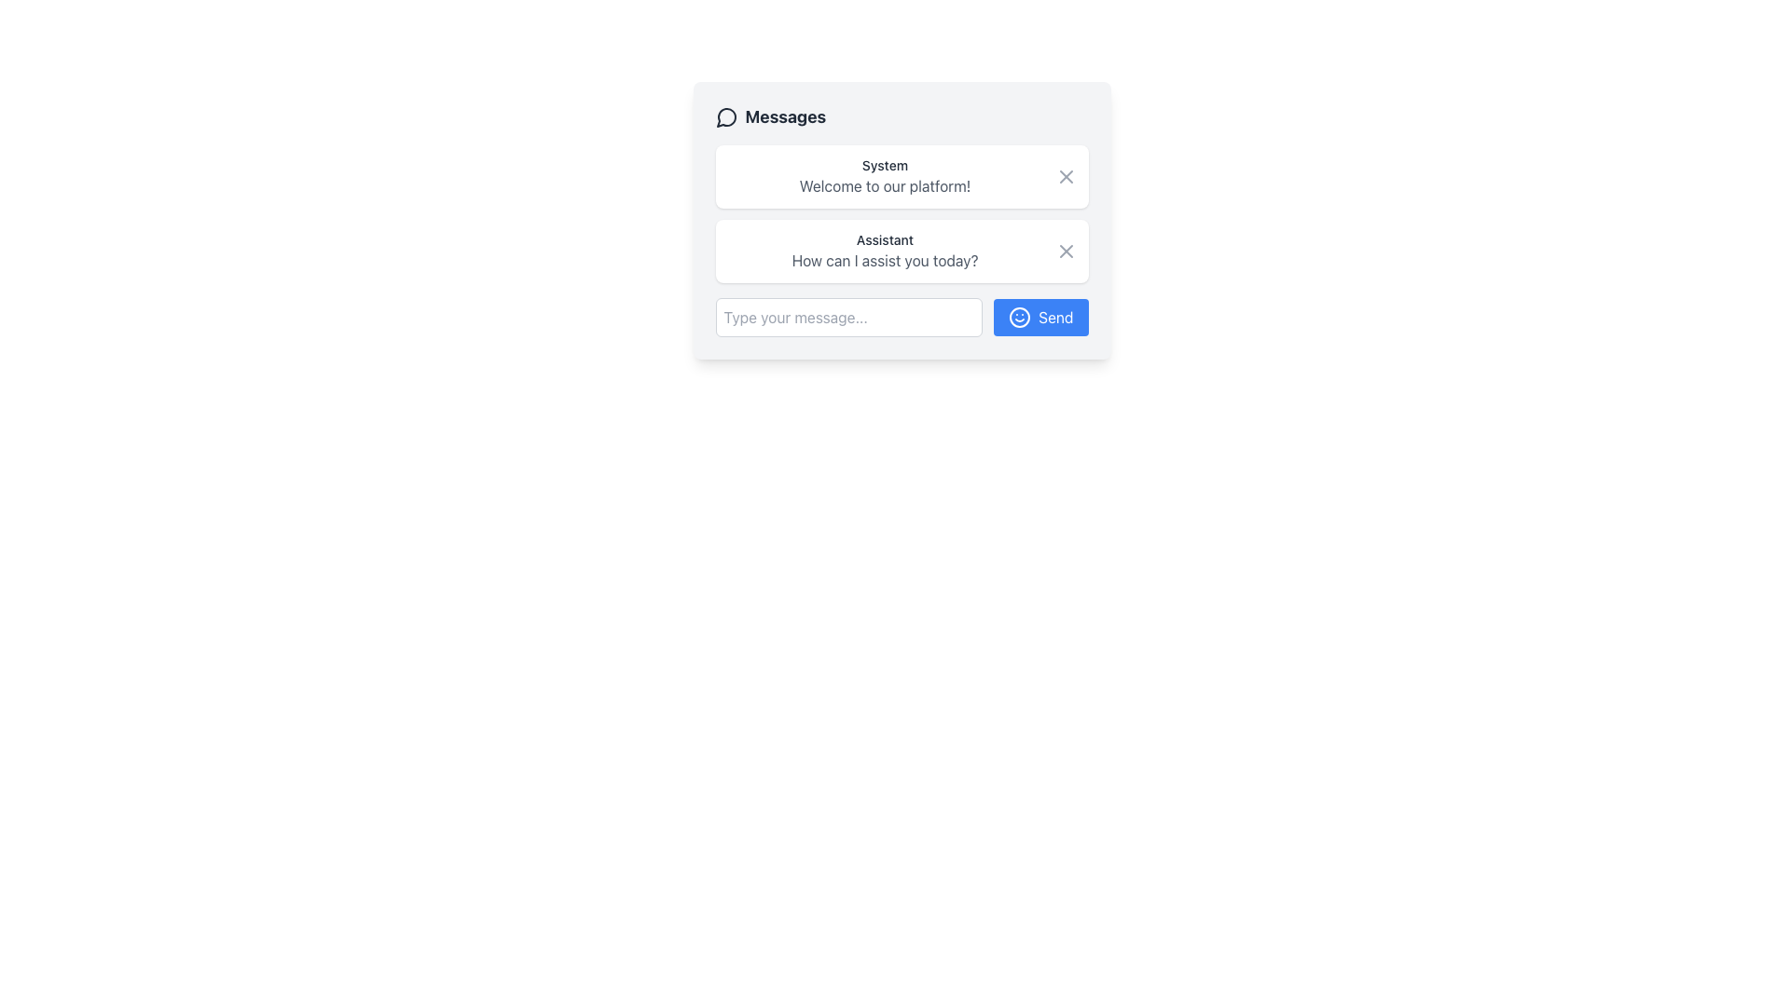  Describe the element at coordinates (1066, 251) in the screenshot. I see `the dismiss button located at the far right of the message card containing the text 'Assistant How can I assist you today?'` at that location.